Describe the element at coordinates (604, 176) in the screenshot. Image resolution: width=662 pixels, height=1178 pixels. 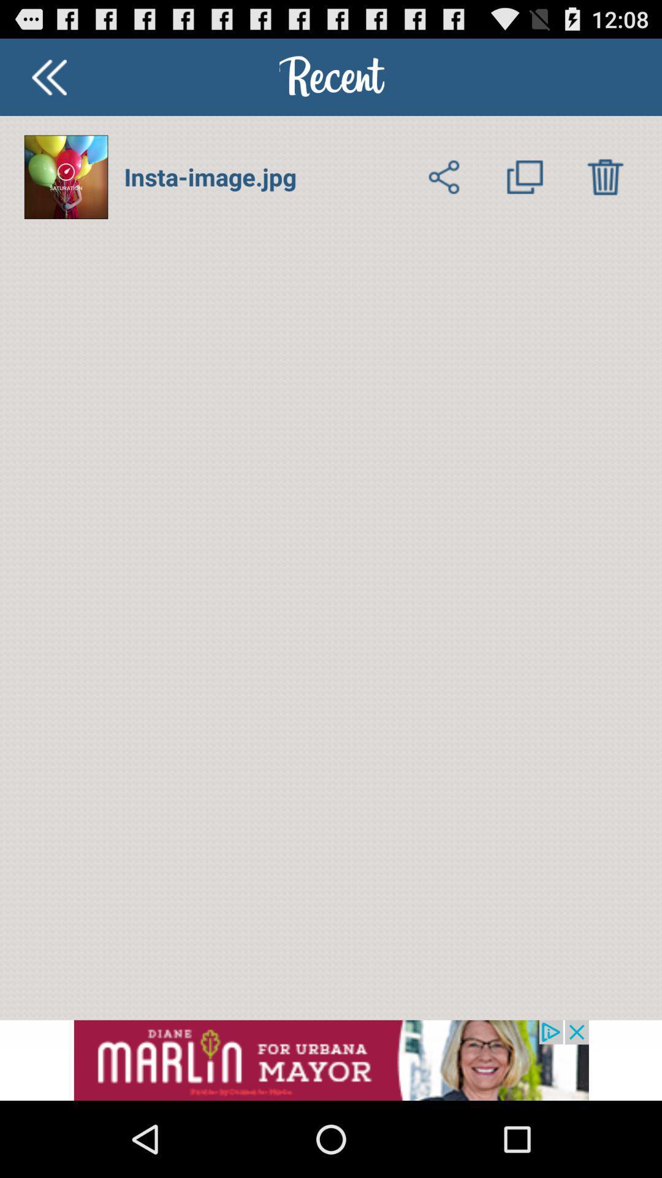
I see `delete option` at that location.